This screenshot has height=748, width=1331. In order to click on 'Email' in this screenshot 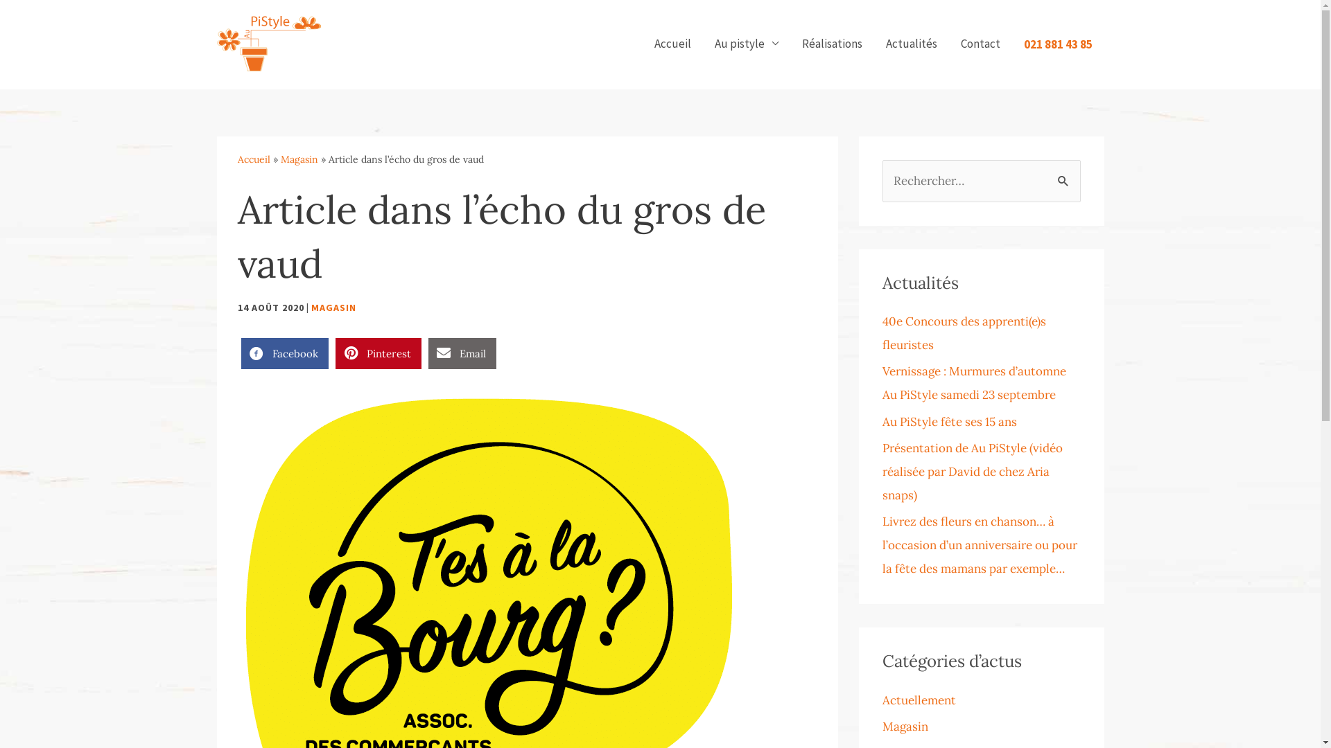, I will do `click(428, 353)`.